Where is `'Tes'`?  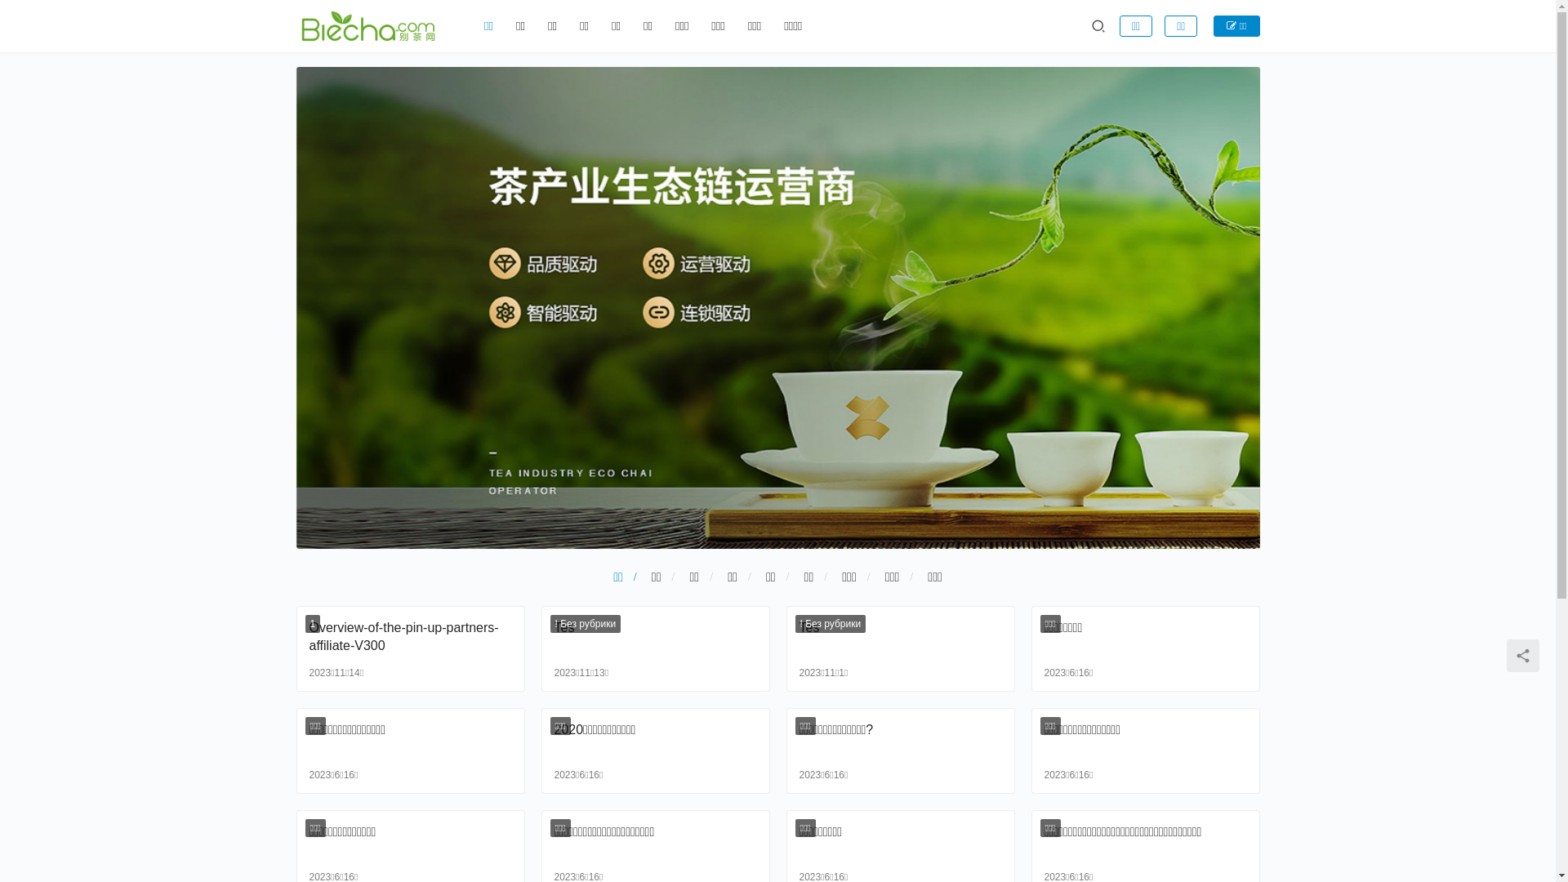
'Tes' is located at coordinates (799, 635).